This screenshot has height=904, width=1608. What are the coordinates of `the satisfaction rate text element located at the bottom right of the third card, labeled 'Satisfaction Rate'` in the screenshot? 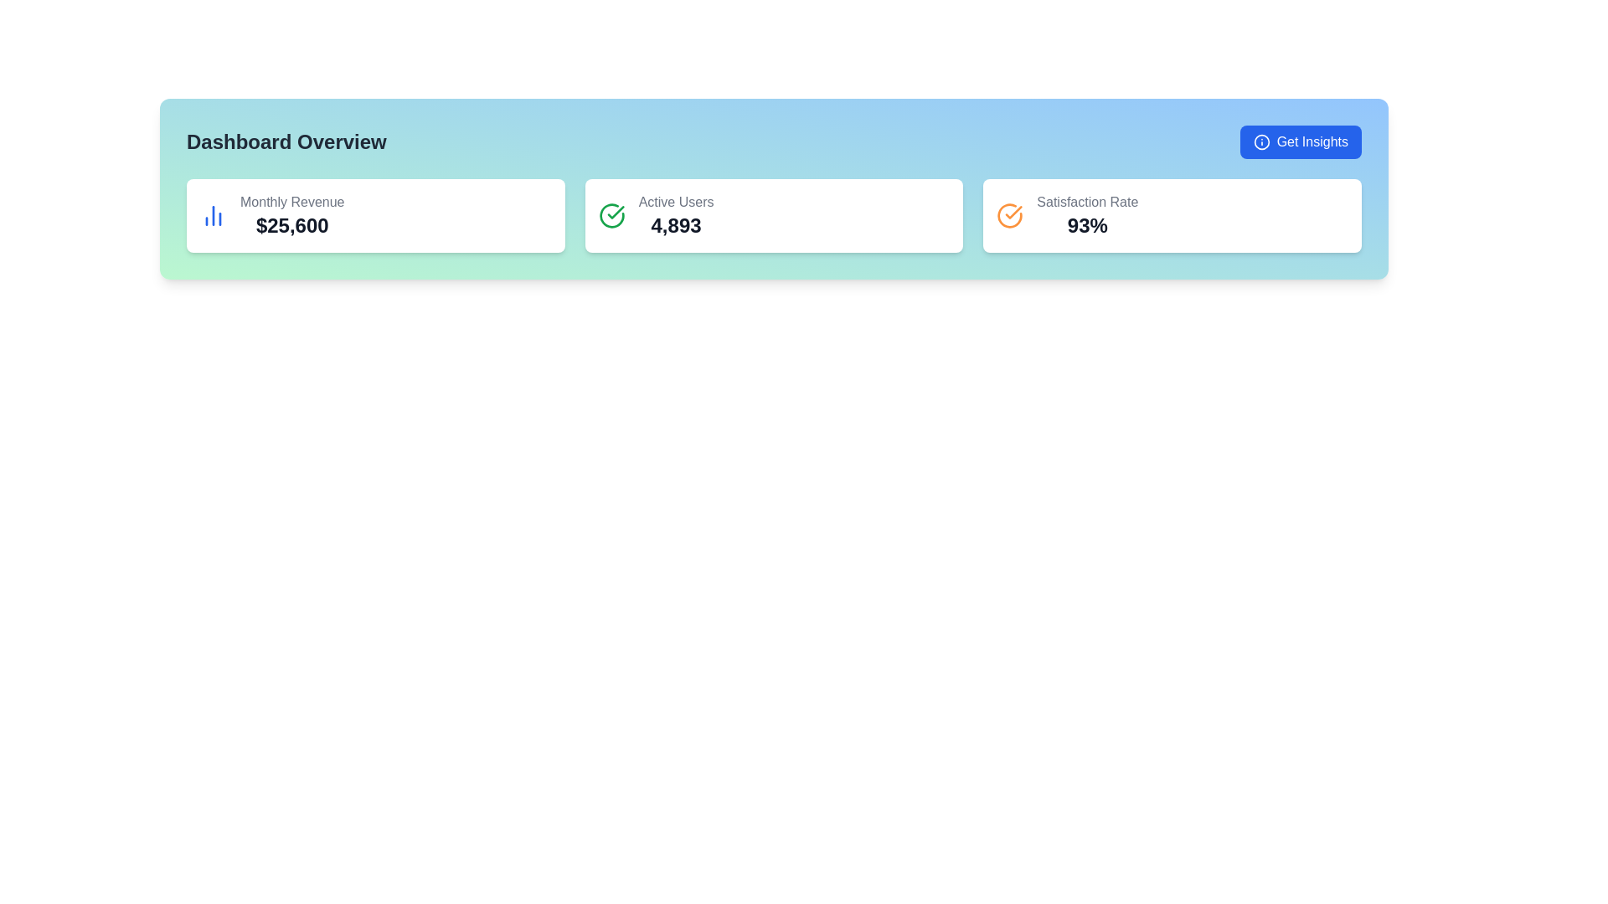 It's located at (1087, 226).